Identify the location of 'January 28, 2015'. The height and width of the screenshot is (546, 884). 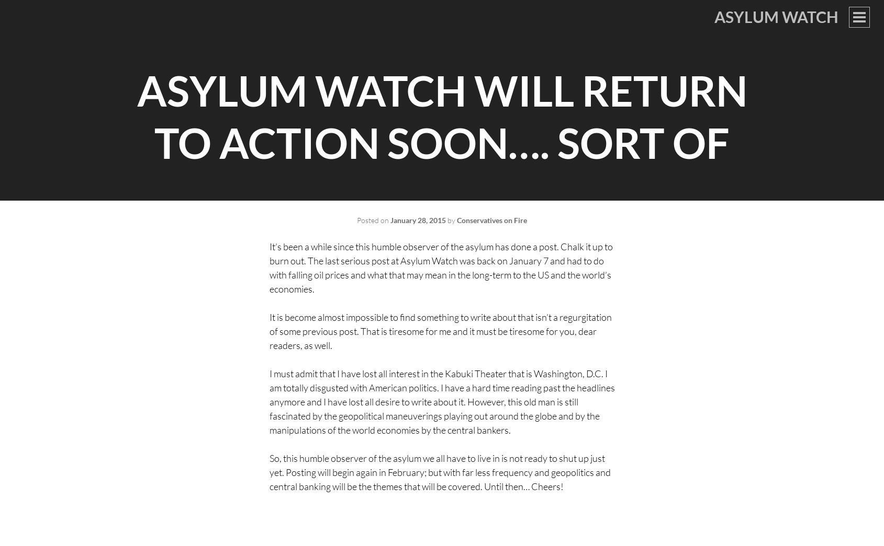
(418, 220).